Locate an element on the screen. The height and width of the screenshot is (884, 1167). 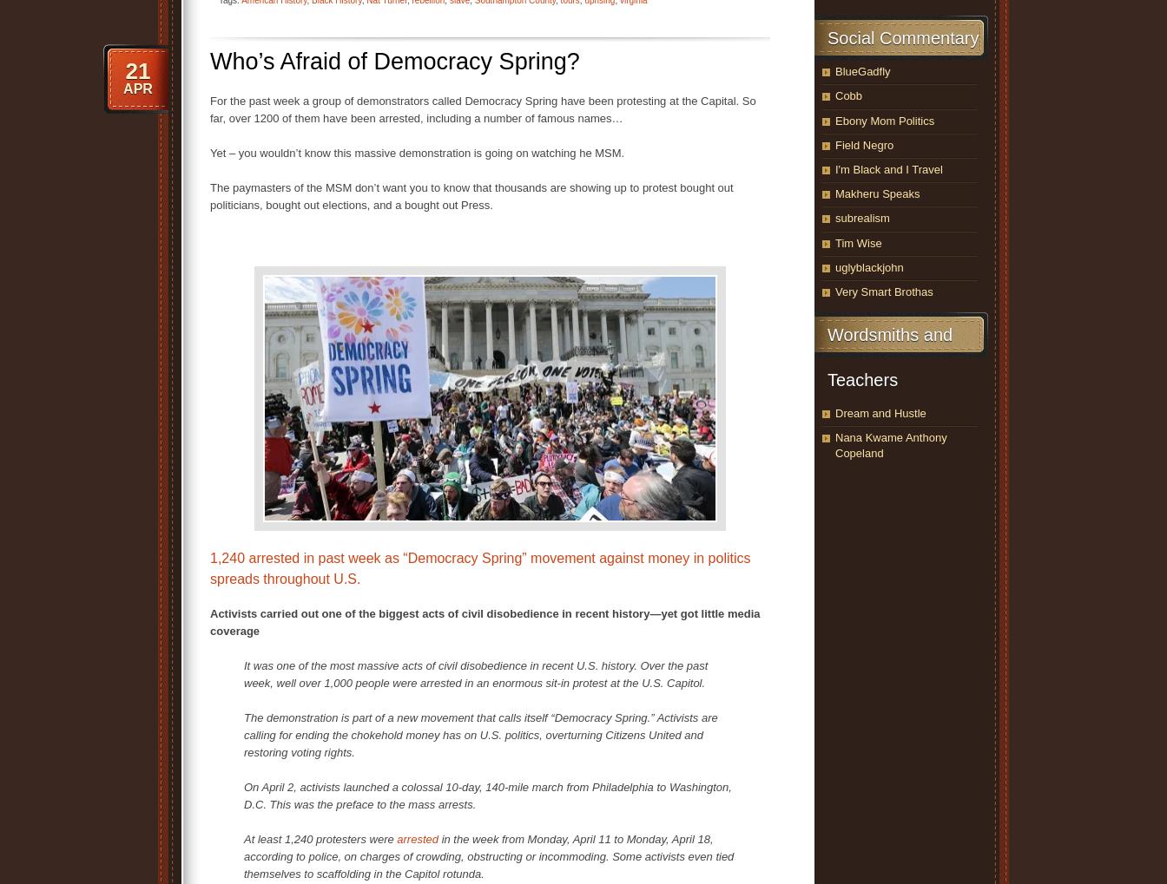
'The demonstration is part of a new movement that calls itself “Democracy Spring.” Activists are calling for ending the chokehold money has on U.S. politics, overturning Citizens United and restoring voting rights.' is located at coordinates (480, 734).